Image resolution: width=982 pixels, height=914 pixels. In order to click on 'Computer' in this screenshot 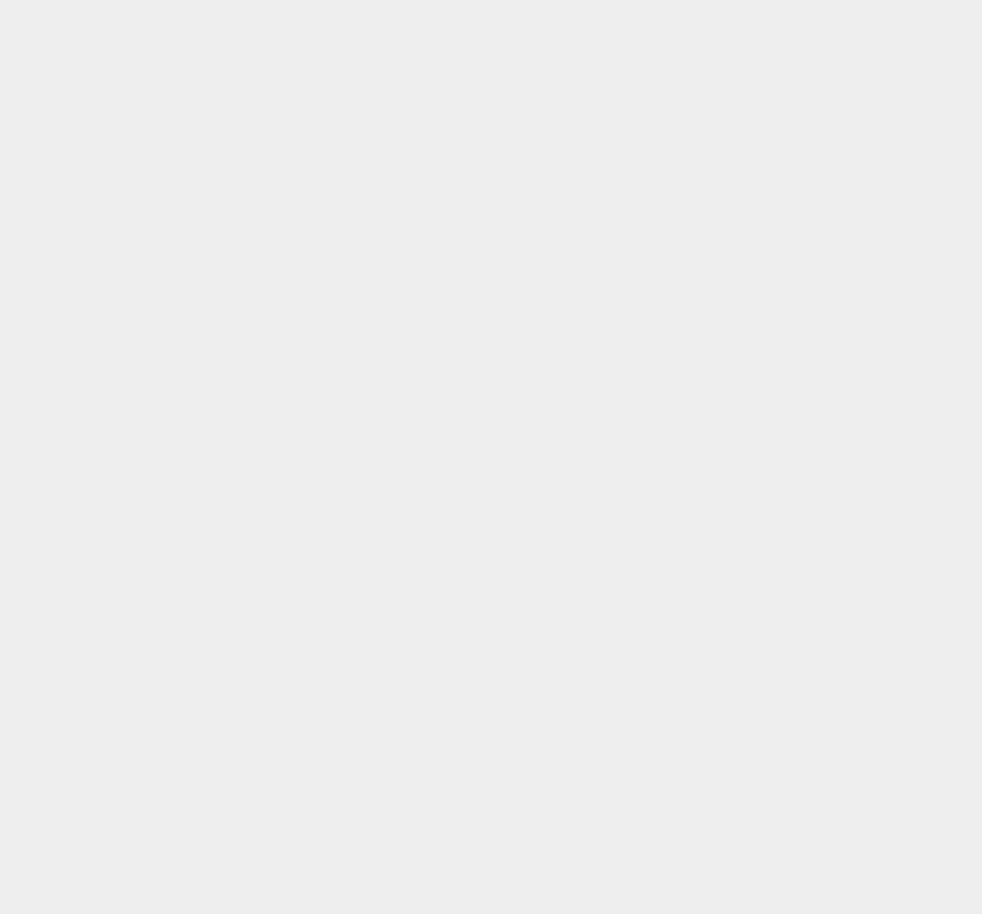, I will do `click(719, 126)`.